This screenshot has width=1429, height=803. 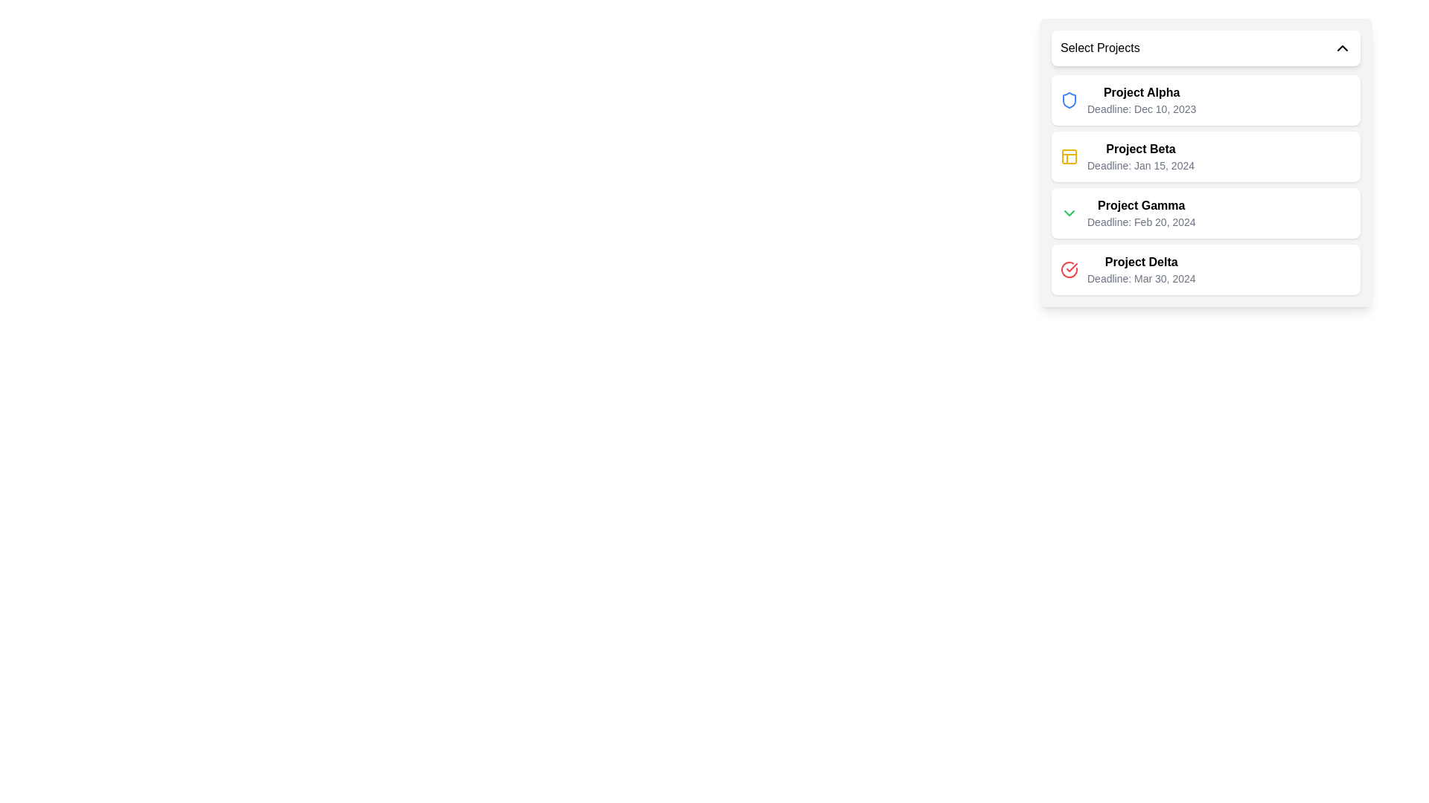 What do you see at coordinates (1068, 269) in the screenshot?
I see `the red checkmark icon indicating the status of 'Project Delta', which is the leftmost element in its row` at bounding box center [1068, 269].